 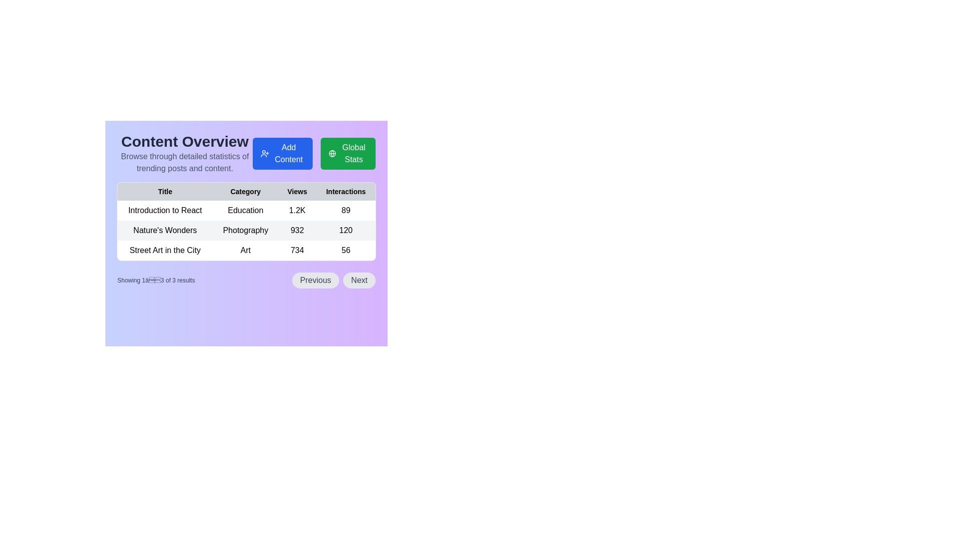 What do you see at coordinates (346, 231) in the screenshot?
I see `the static text displaying '120' in the 'Interactions' column of the table associated with 'Nature's Wonders' and 'Photography'` at bounding box center [346, 231].